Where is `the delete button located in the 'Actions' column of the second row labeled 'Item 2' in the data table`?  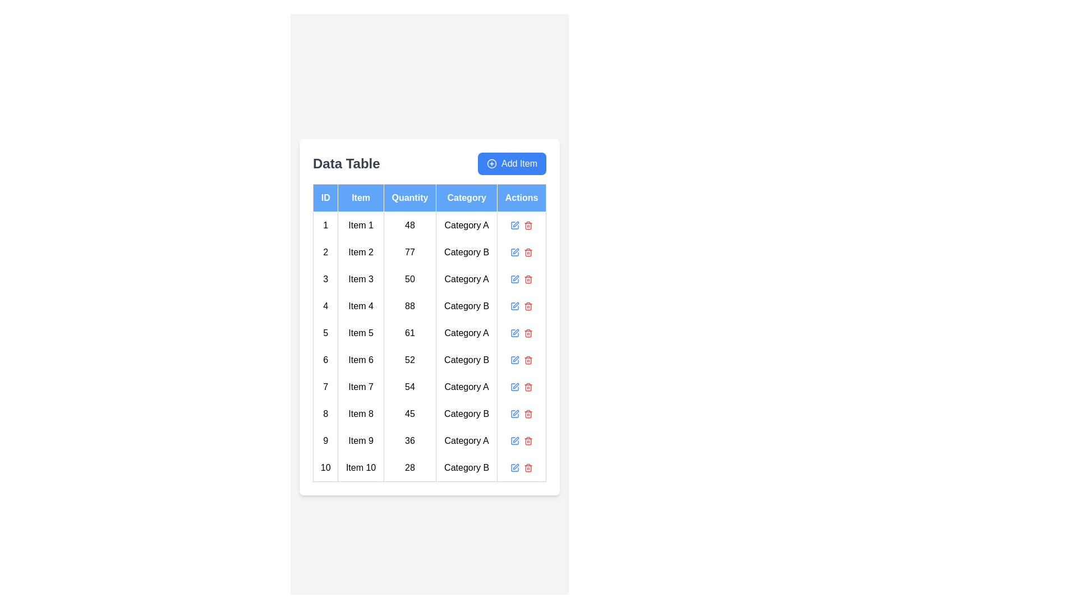
the delete button located in the 'Actions' column of the second row labeled 'Item 2' in the data table is located at coordinates (528, 251).